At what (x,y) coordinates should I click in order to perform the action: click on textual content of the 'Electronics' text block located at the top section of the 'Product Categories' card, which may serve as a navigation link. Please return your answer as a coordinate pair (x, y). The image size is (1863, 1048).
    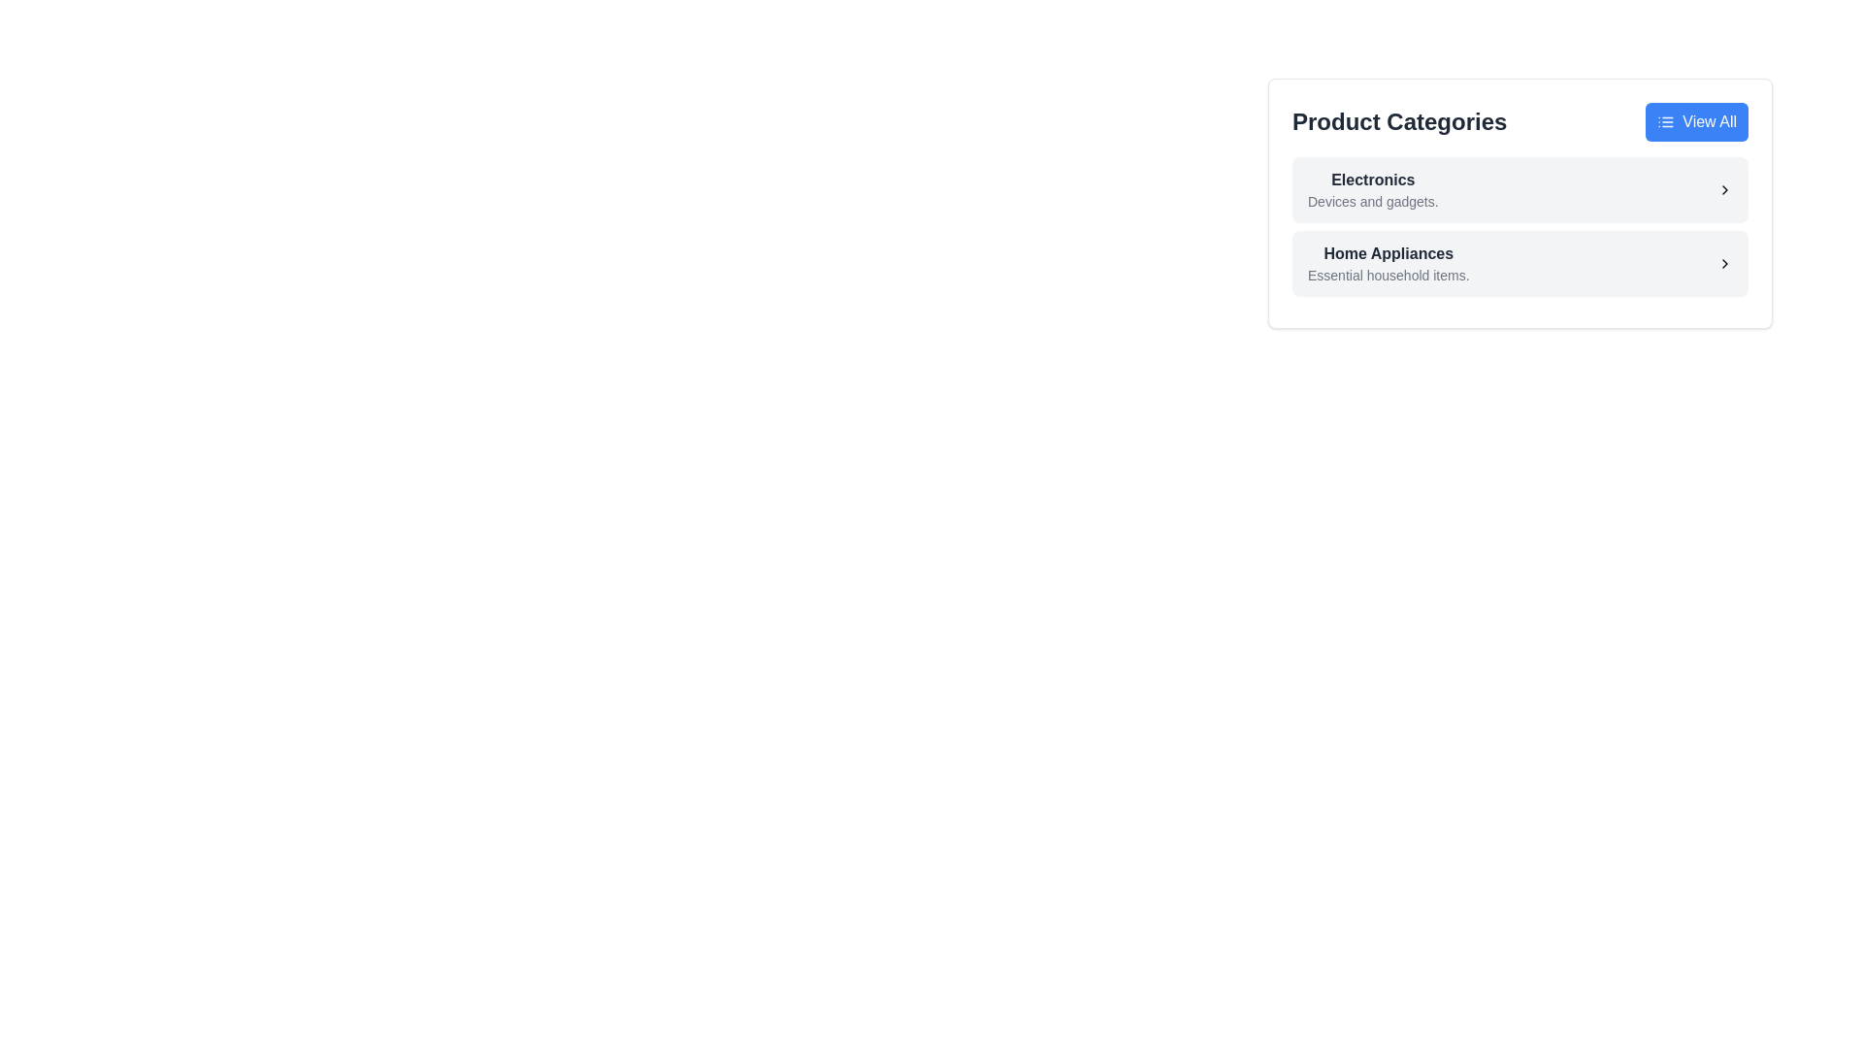
    Looking at the image, I should click on (1372, 190).